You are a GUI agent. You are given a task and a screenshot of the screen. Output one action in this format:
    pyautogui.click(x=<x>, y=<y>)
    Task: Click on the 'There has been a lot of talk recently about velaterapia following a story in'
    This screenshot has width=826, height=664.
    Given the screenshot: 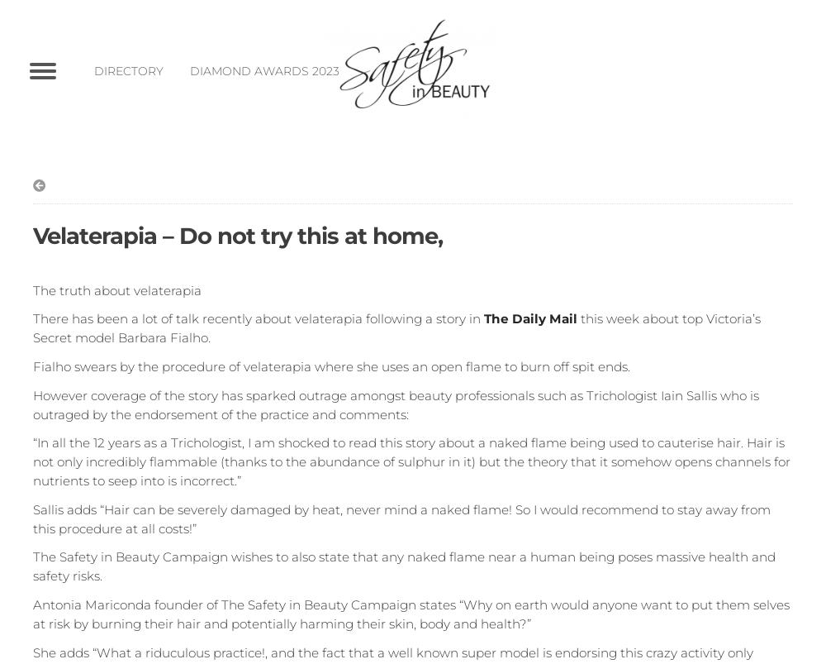 What is the action you would take?
    pyautogui.click(x=258, y=318)
    